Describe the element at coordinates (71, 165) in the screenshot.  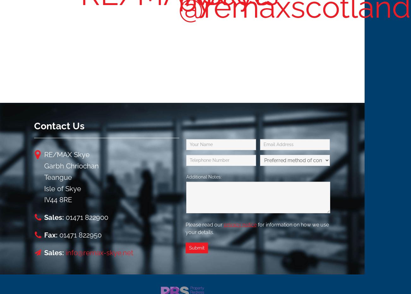
I see `'Garbh Chriochan'` at that location.